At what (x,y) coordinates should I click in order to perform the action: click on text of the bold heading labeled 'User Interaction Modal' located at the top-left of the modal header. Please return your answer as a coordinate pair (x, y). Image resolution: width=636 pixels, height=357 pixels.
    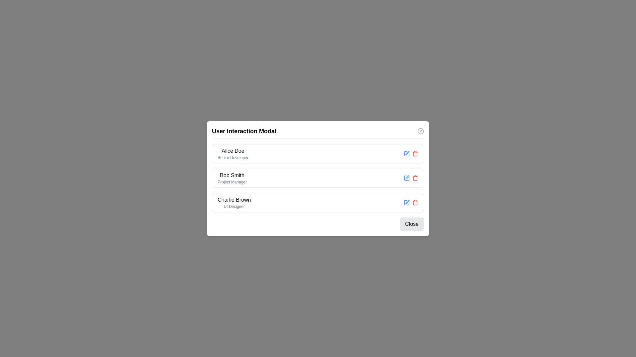
    Looking at the image, I should click on (244, 131).